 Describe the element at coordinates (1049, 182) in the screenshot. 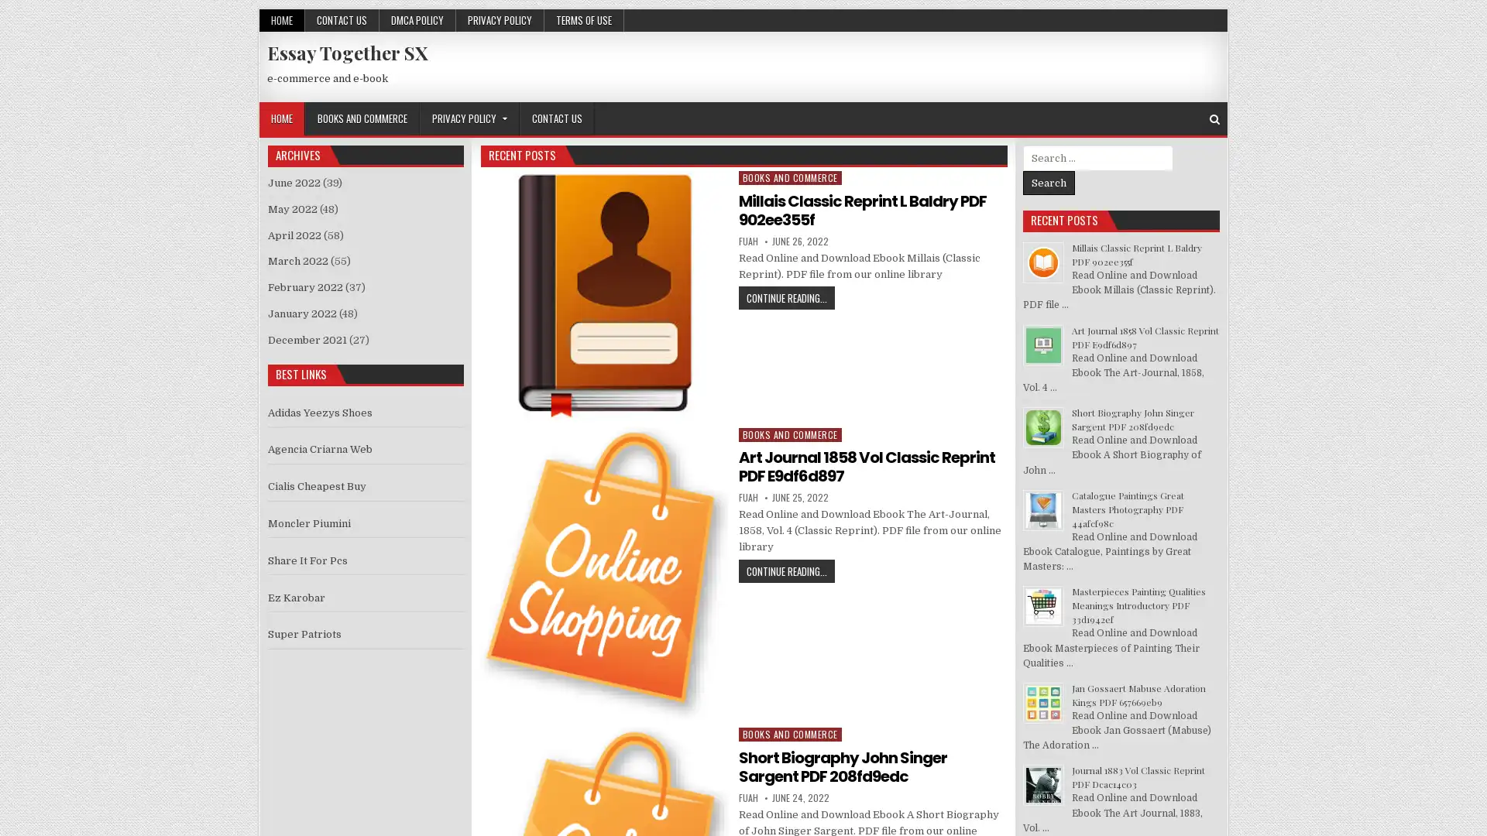

I see `Search` at that location.